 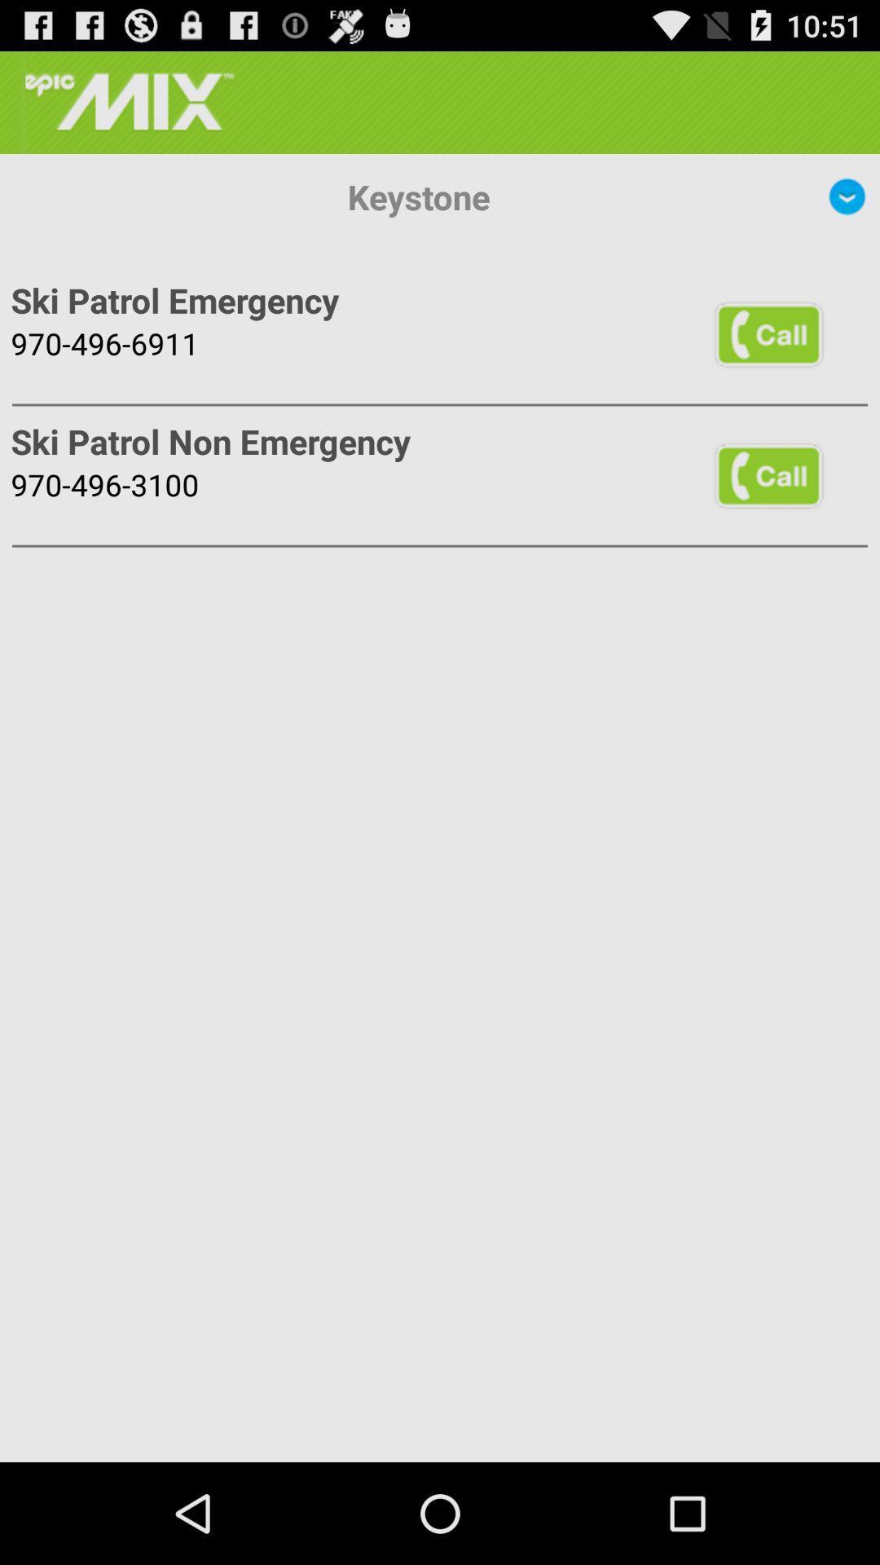 I want to click on the item to the right of the ski patrol non, so click(x=768, y=474).